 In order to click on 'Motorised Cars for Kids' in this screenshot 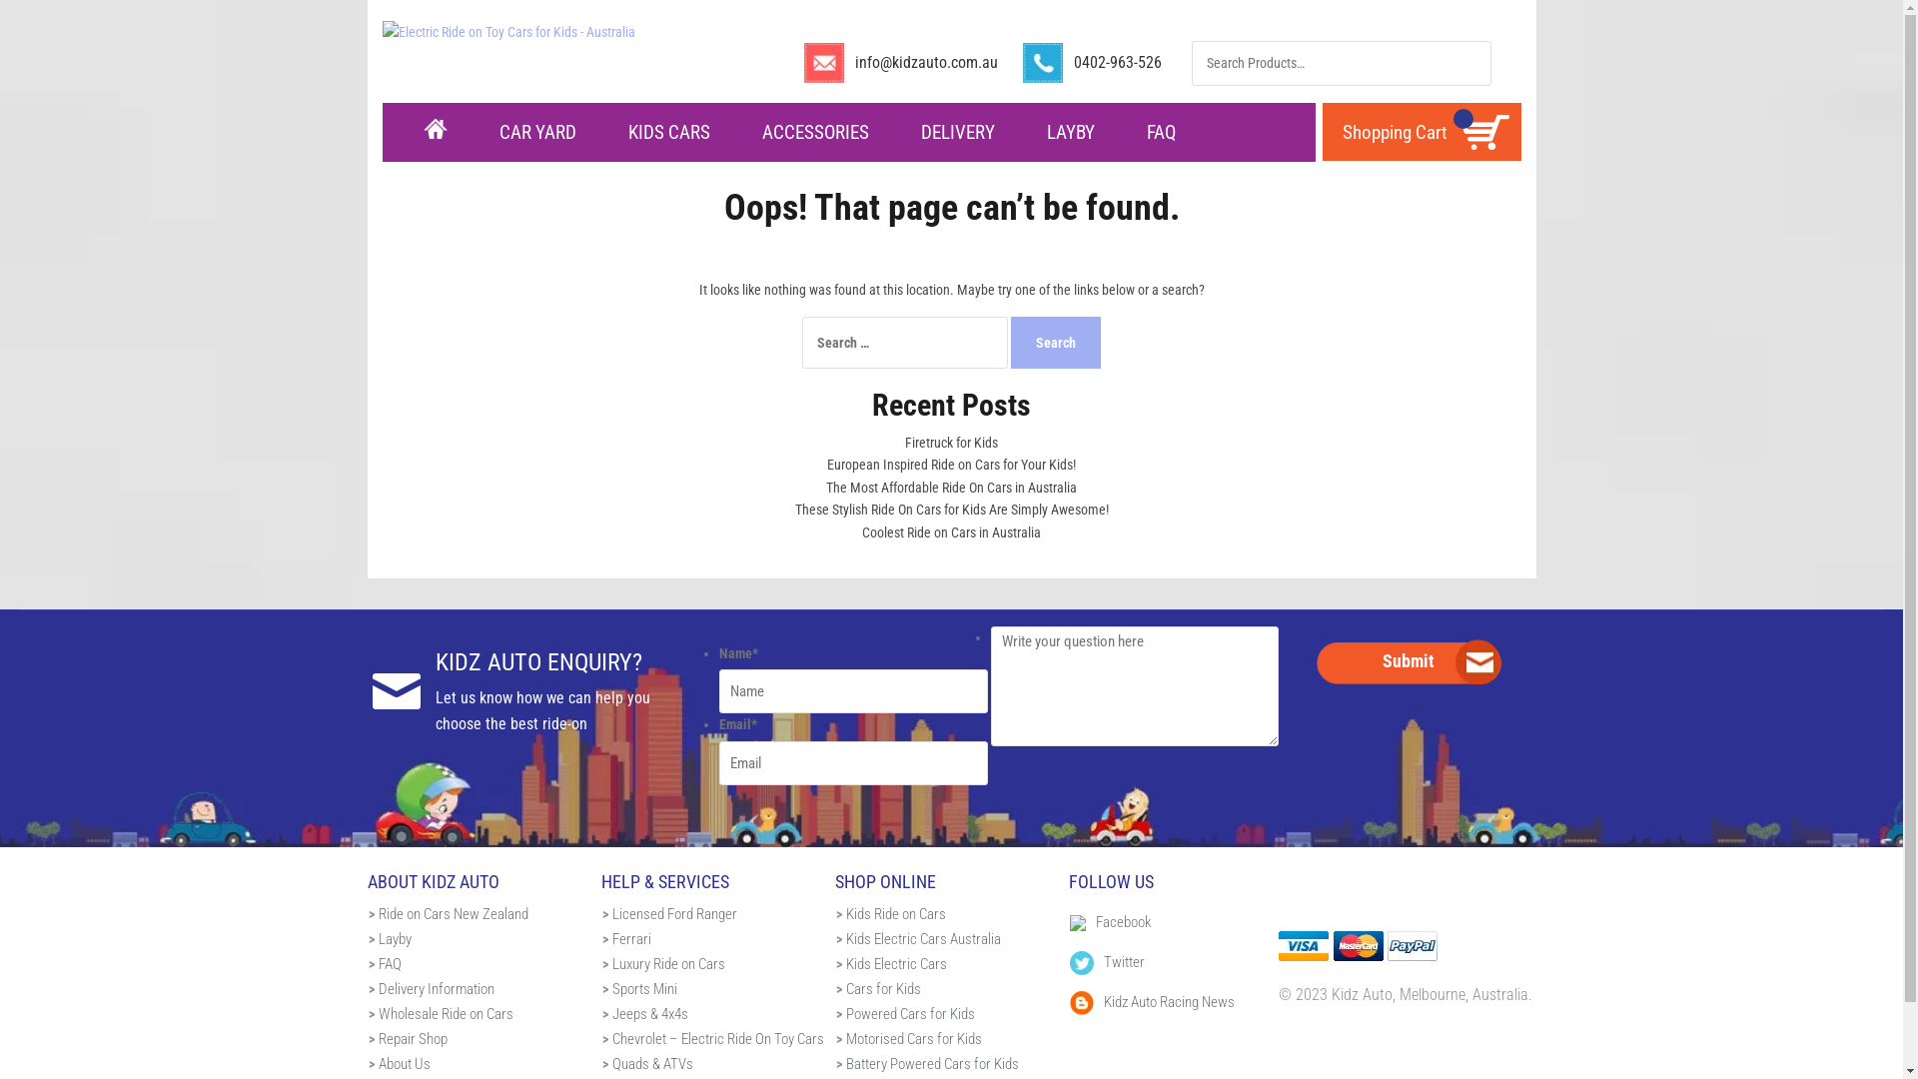, I will do `click(911, 1038)`.